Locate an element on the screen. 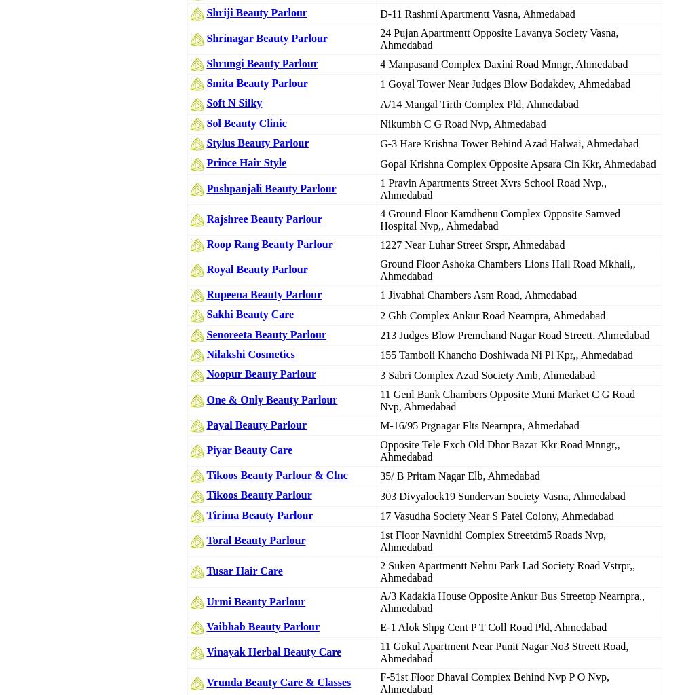 Image resolution: width=684 pixels, height=695 pixels. 'Vinayak Herbal Beauty Care' is located at coordinates (273, 652).